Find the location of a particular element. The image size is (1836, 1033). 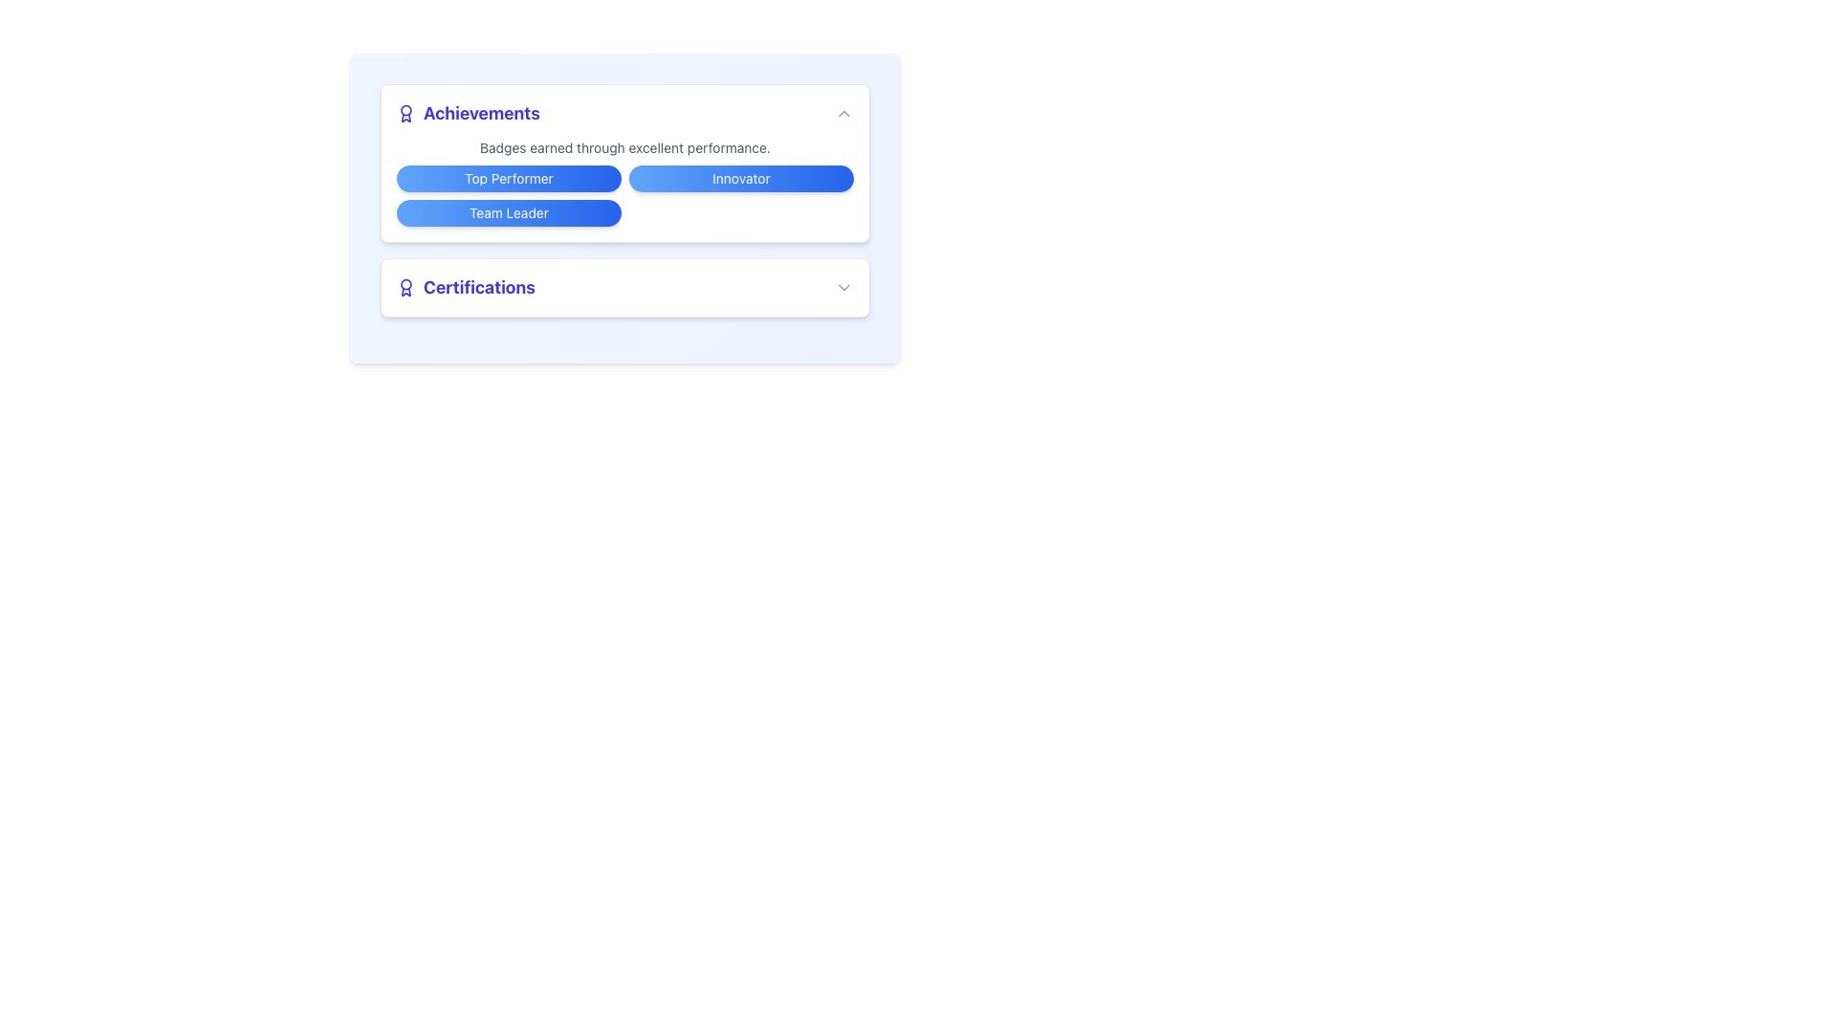

the chevron-shaped upward arrow icon in the top-right corner of the 'Achievements' section header is located at coordinates (843, 114).